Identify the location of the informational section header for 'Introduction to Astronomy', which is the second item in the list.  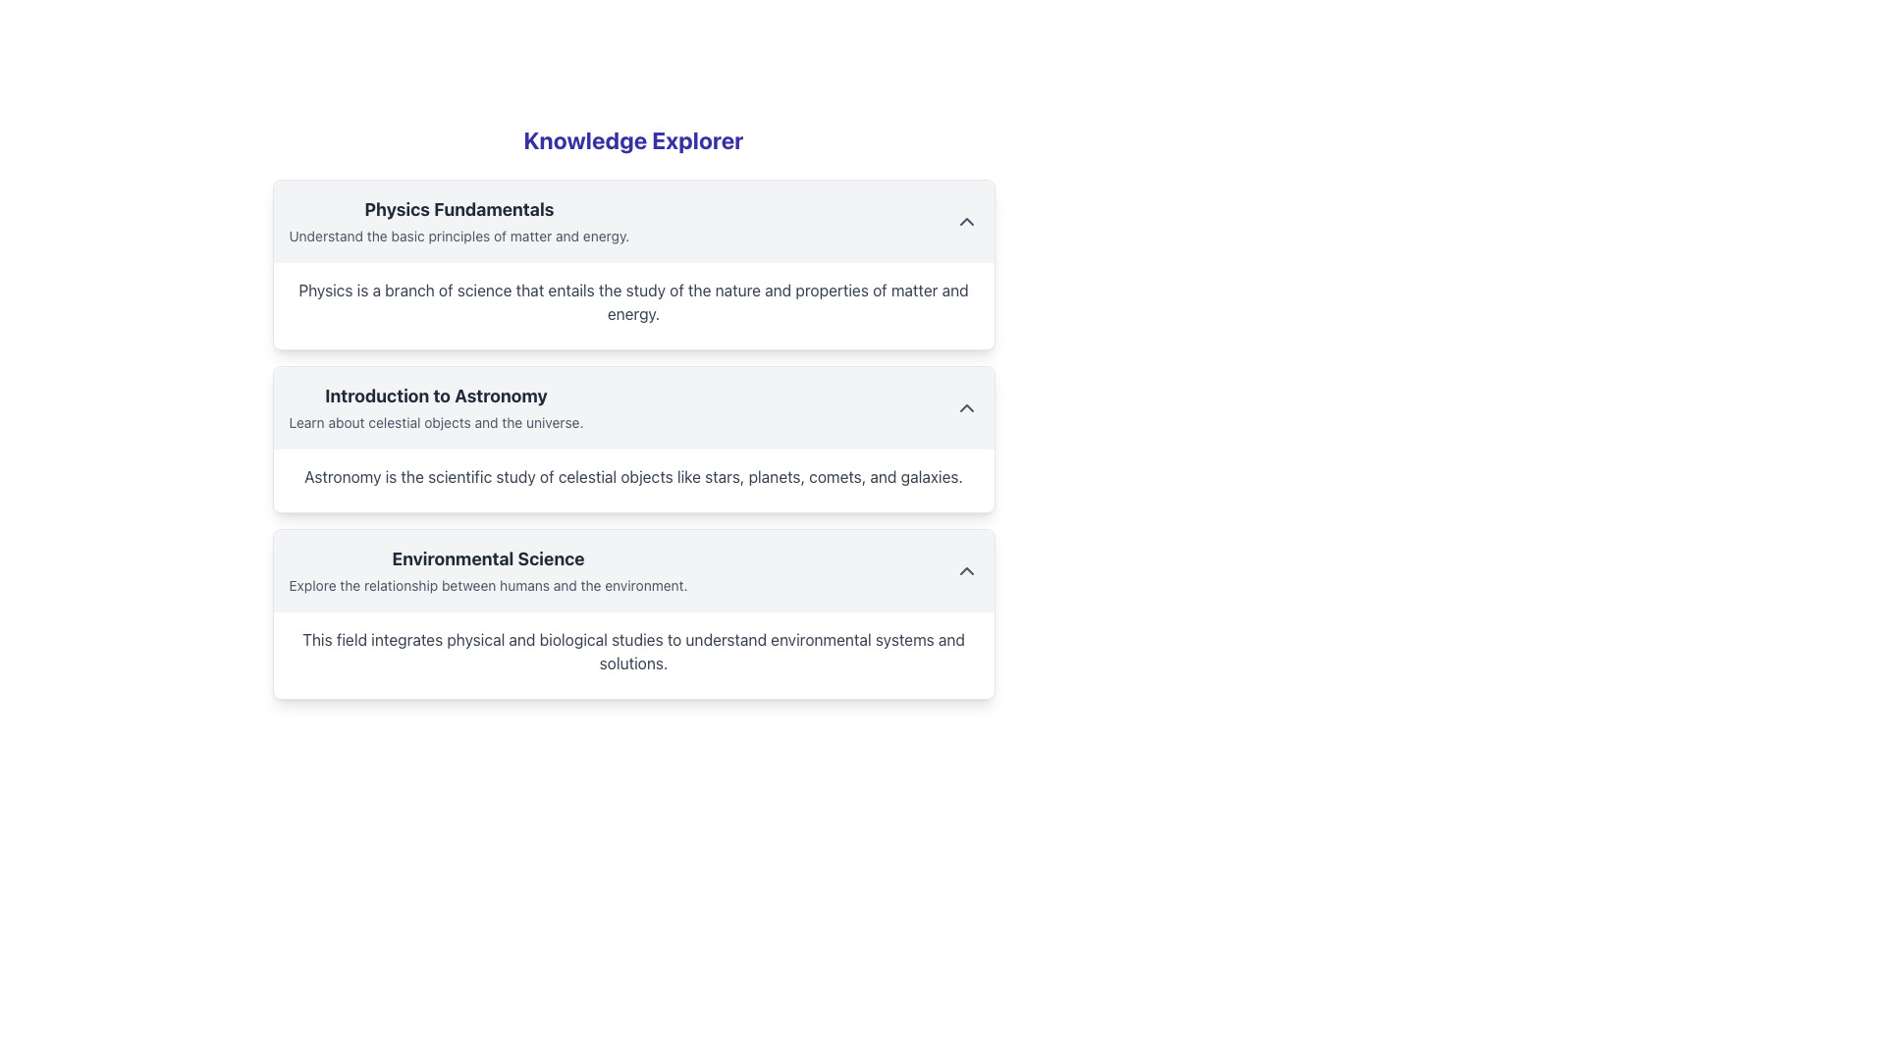
(435, 407).